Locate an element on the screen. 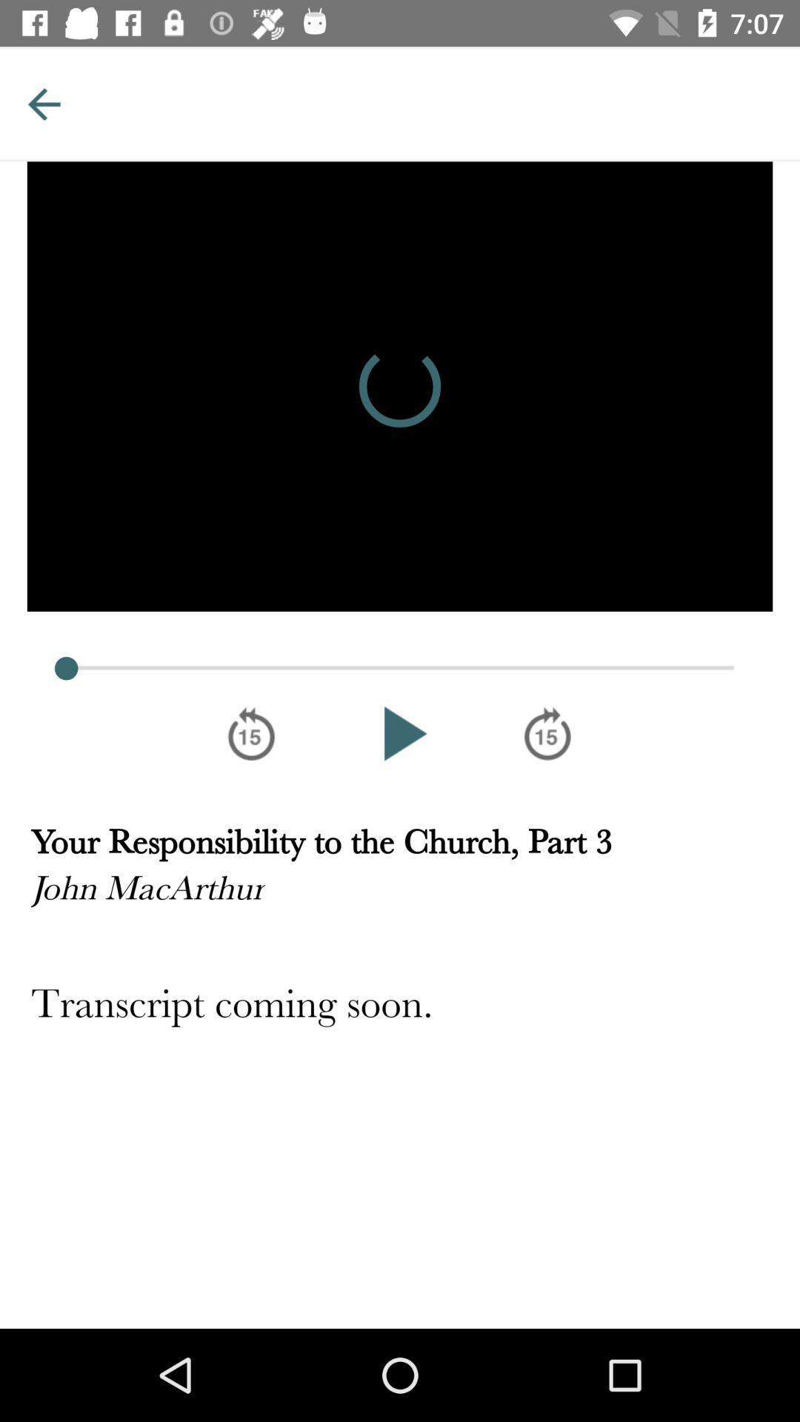 The image size is (800, 1422). previous is located at coordinates (43, 103).